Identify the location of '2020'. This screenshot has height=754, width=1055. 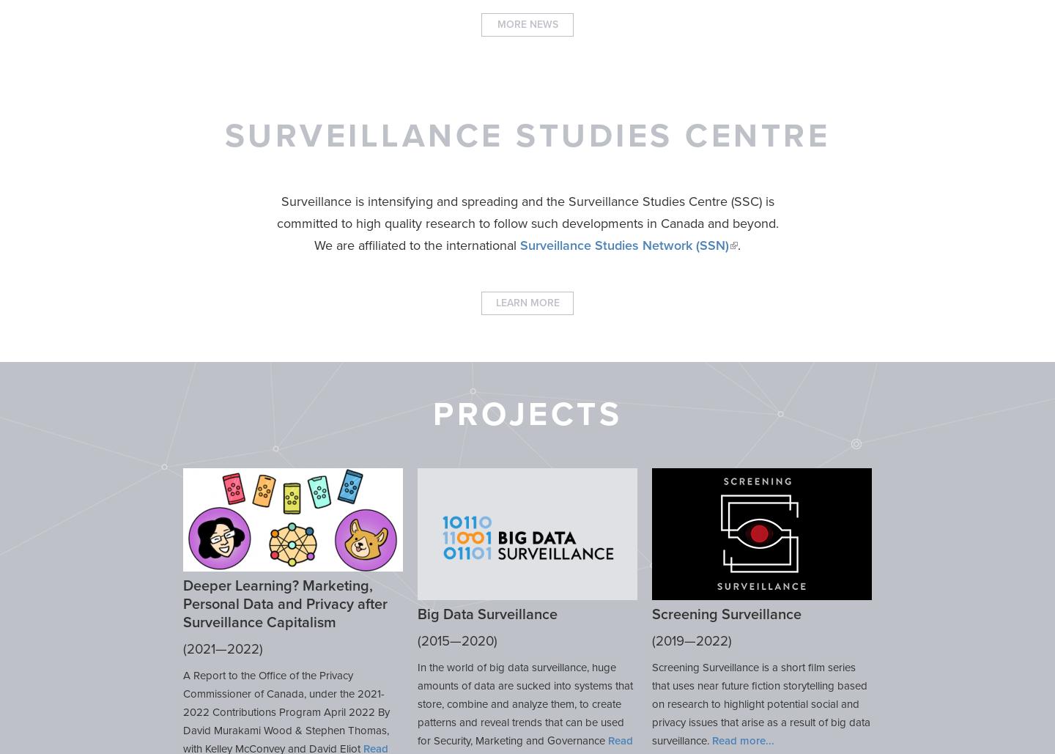
(477, 640).